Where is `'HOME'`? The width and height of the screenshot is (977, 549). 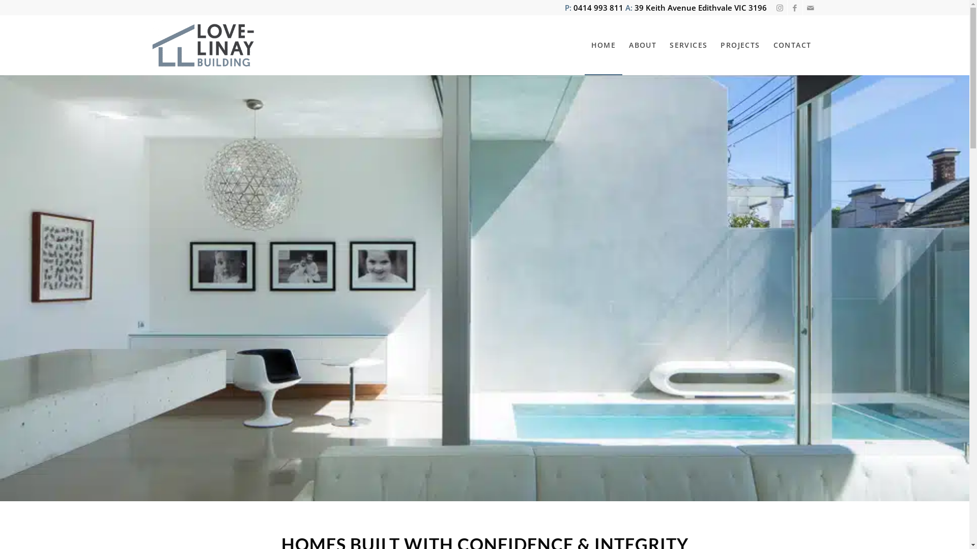
'HOME' is located at coordinates (604, 44).